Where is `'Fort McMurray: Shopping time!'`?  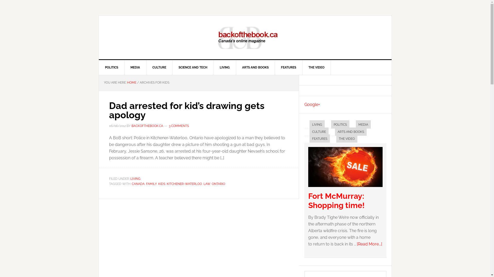
'Fort McMurray: Shopping time!' is located at coordinates (345, 188).